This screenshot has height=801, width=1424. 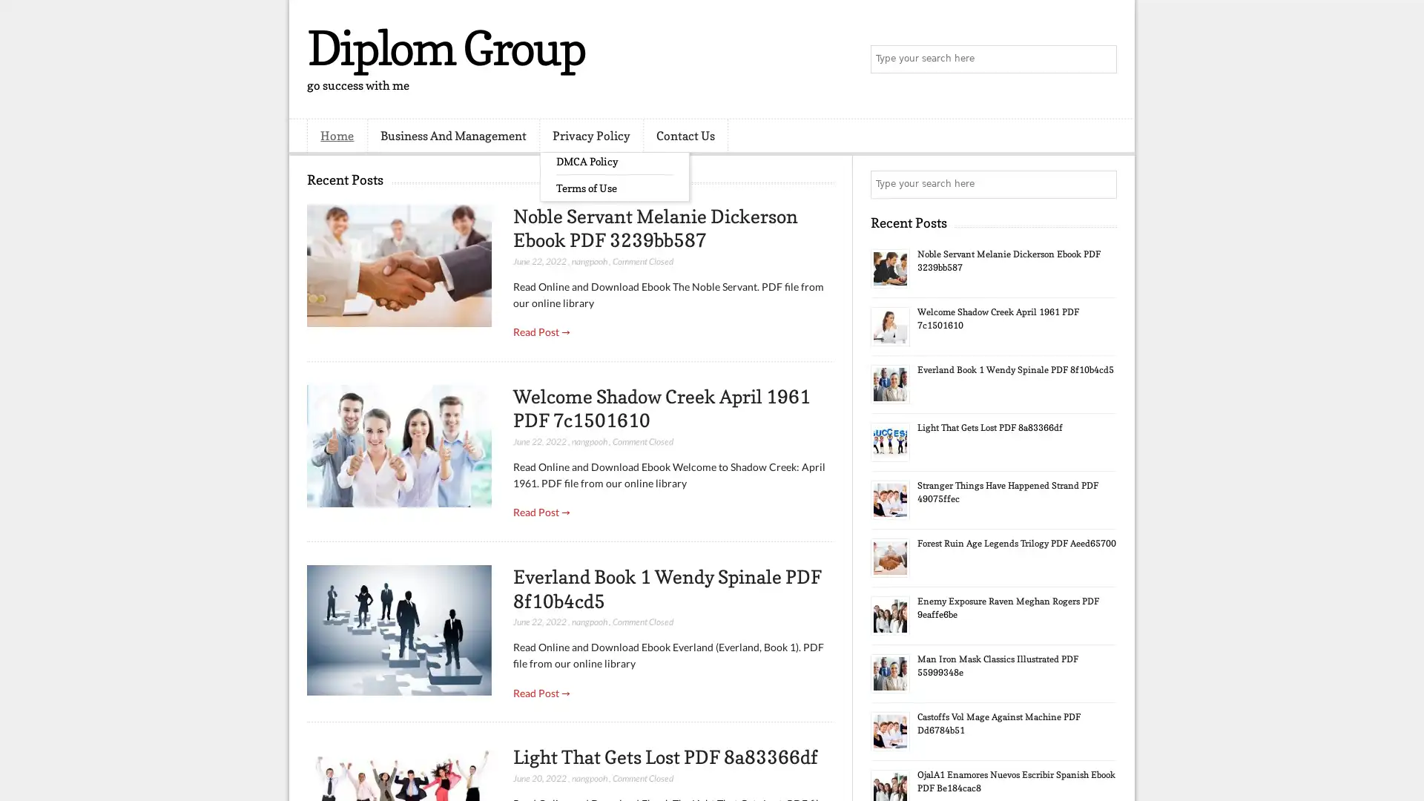 I want to click on Search, so click(x=1101, y=59).